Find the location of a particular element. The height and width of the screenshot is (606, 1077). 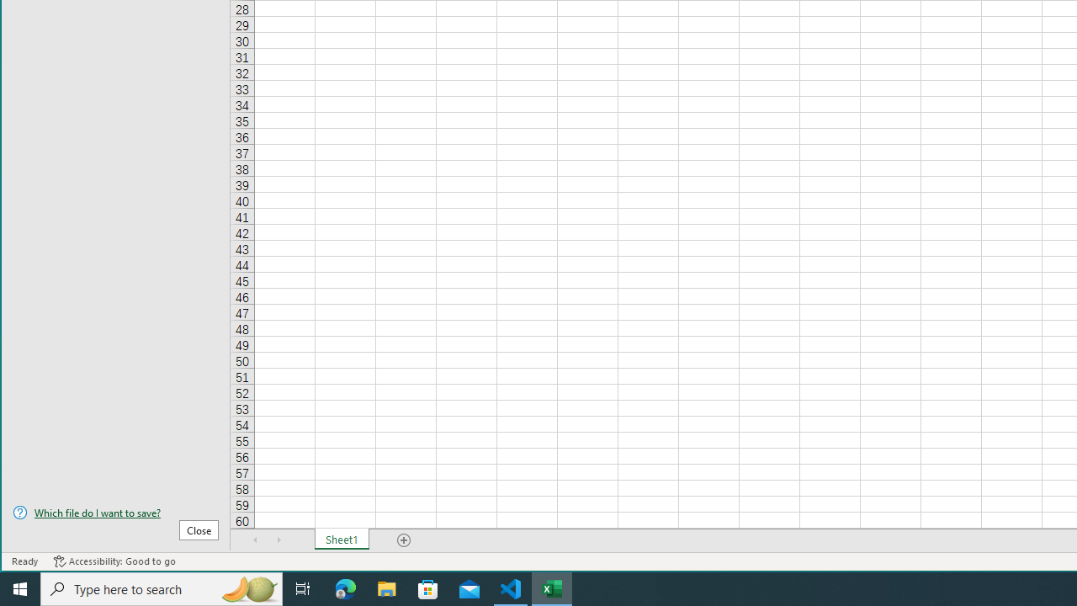

'Search highlights icon opens search home window' is located at coordinates (247, 587).